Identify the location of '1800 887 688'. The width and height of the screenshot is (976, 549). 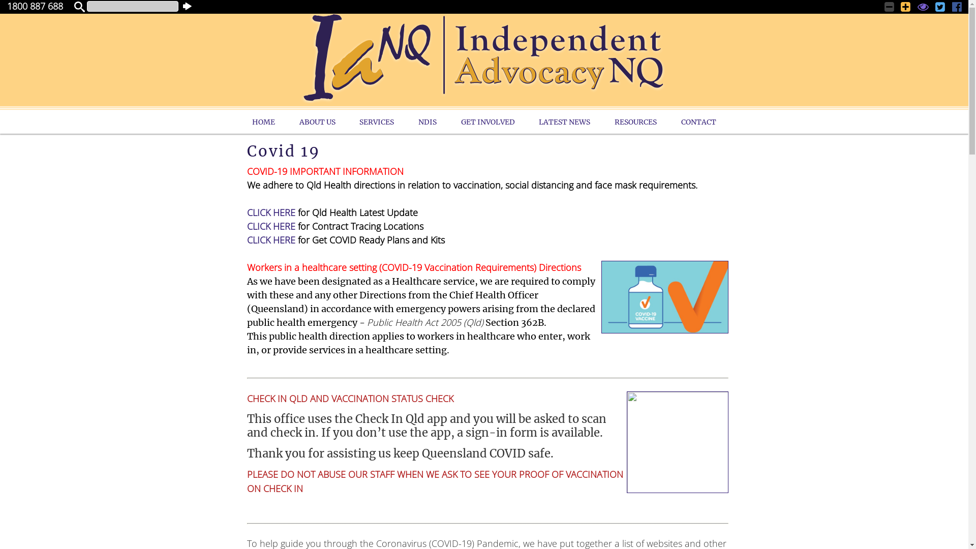
(35, 6).